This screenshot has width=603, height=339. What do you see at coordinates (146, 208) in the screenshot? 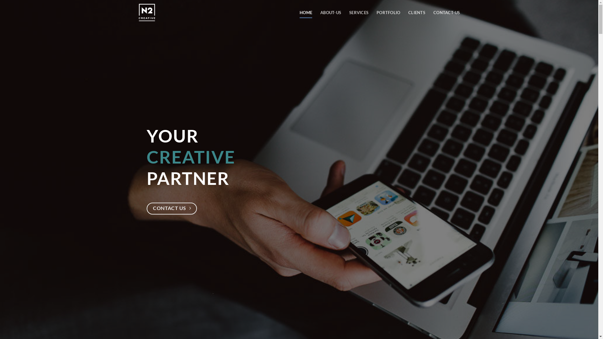
I see `'CONTACT US'` at bounding box center [146, 208].